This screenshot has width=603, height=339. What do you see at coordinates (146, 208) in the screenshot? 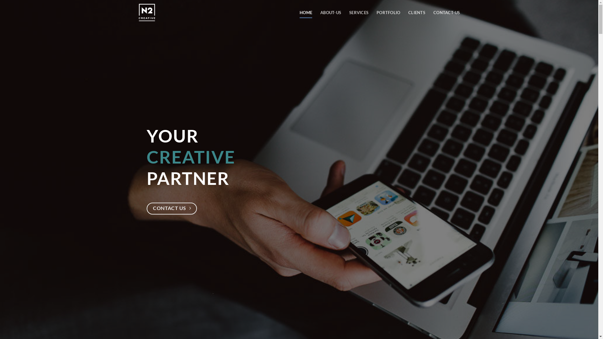
I see `'CONTACT US'` at bounding box center [146, 208].